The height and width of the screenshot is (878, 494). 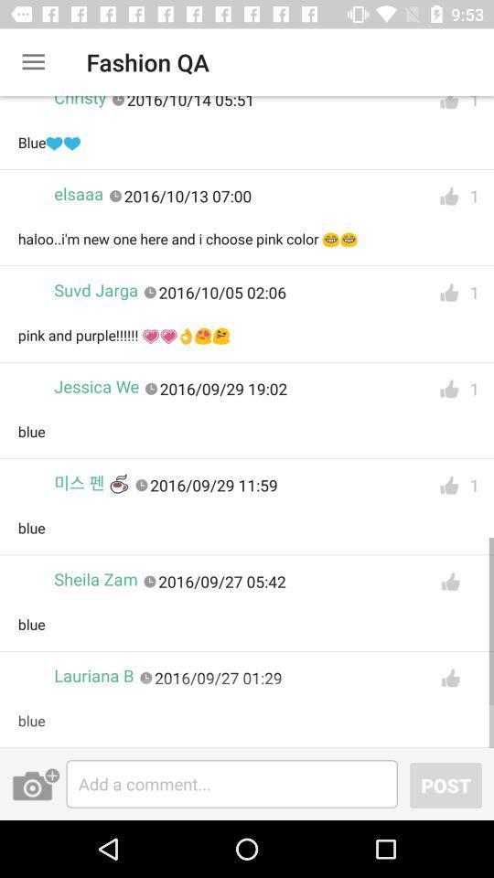 What do you see at coordinates (449, 581) in the screenshot?
I see `to like this option` at bounding box center [449, 581].